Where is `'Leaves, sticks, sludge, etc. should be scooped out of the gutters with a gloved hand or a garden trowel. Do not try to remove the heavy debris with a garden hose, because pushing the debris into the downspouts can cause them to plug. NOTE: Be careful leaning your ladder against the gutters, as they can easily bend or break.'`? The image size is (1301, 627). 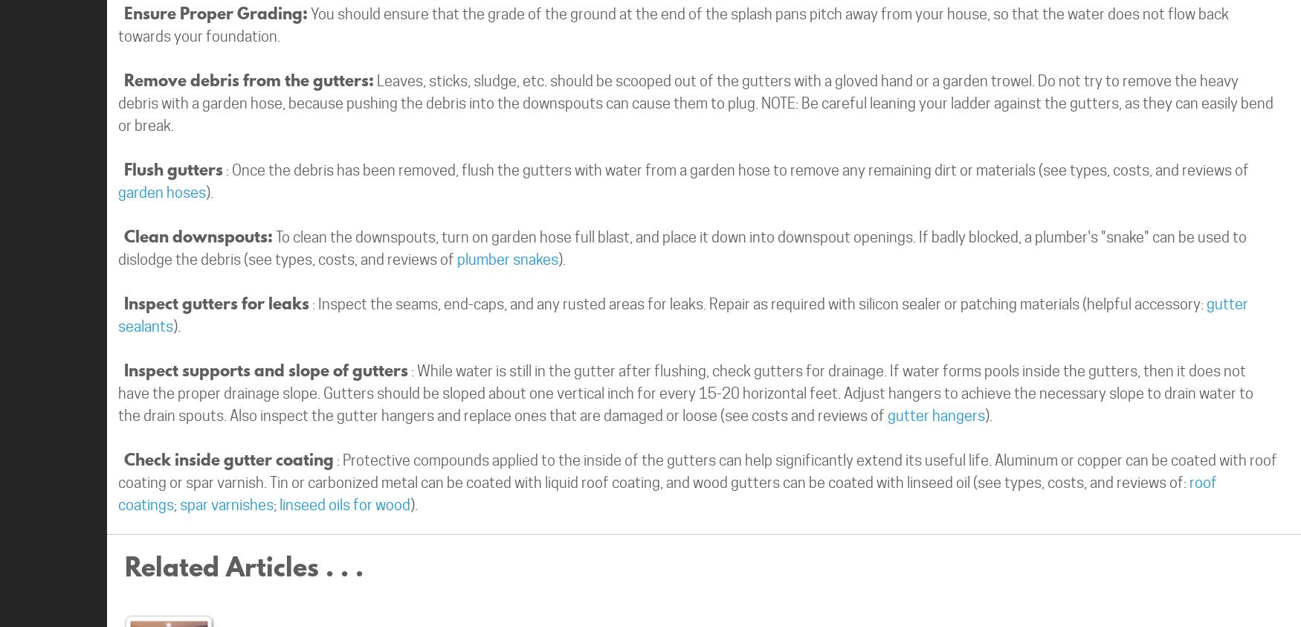 'Leaves, sticks, sludge, etc. should be scooped out of the gutters with a gloved hand or a garden trowel. Do not try to remove the heavy debris with a garden hose, because pushing the debris into the downspouts can cause them to plug. NOTE: Be careful leaning your ladder against the gutters, as they can easily bend or break.' is located at coordinates (695, 103).